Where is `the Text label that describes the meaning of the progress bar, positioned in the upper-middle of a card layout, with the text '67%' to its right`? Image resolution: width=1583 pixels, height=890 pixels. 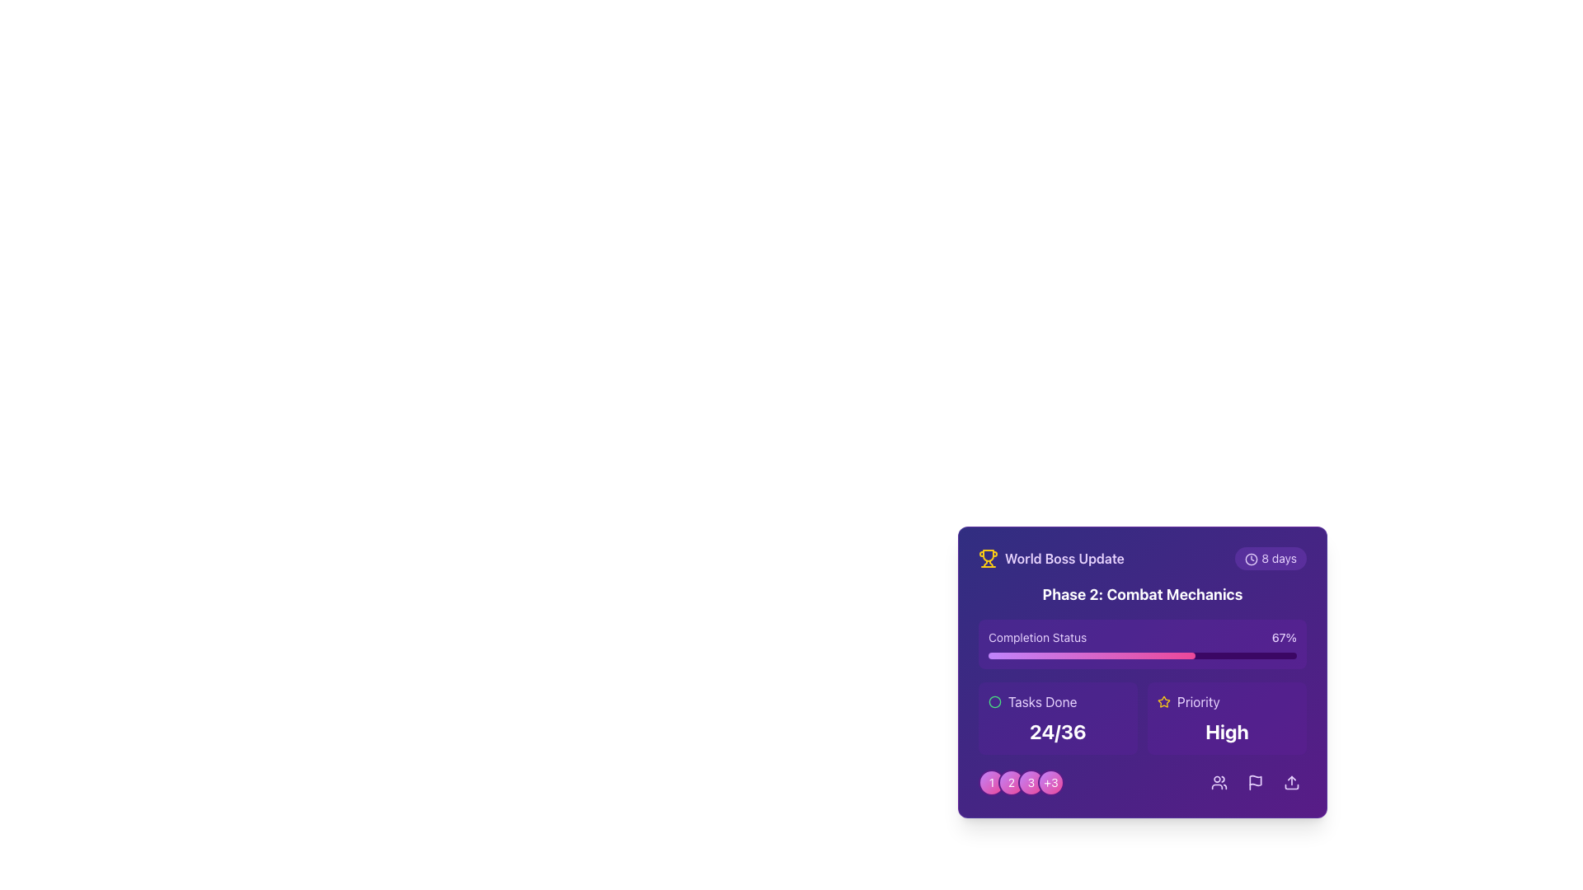
the Text label that describes the meaning of the progress bar, positioned in the upper-middle of a card layout, with the text '67%' to its right is located at coordinates (1036, 637).